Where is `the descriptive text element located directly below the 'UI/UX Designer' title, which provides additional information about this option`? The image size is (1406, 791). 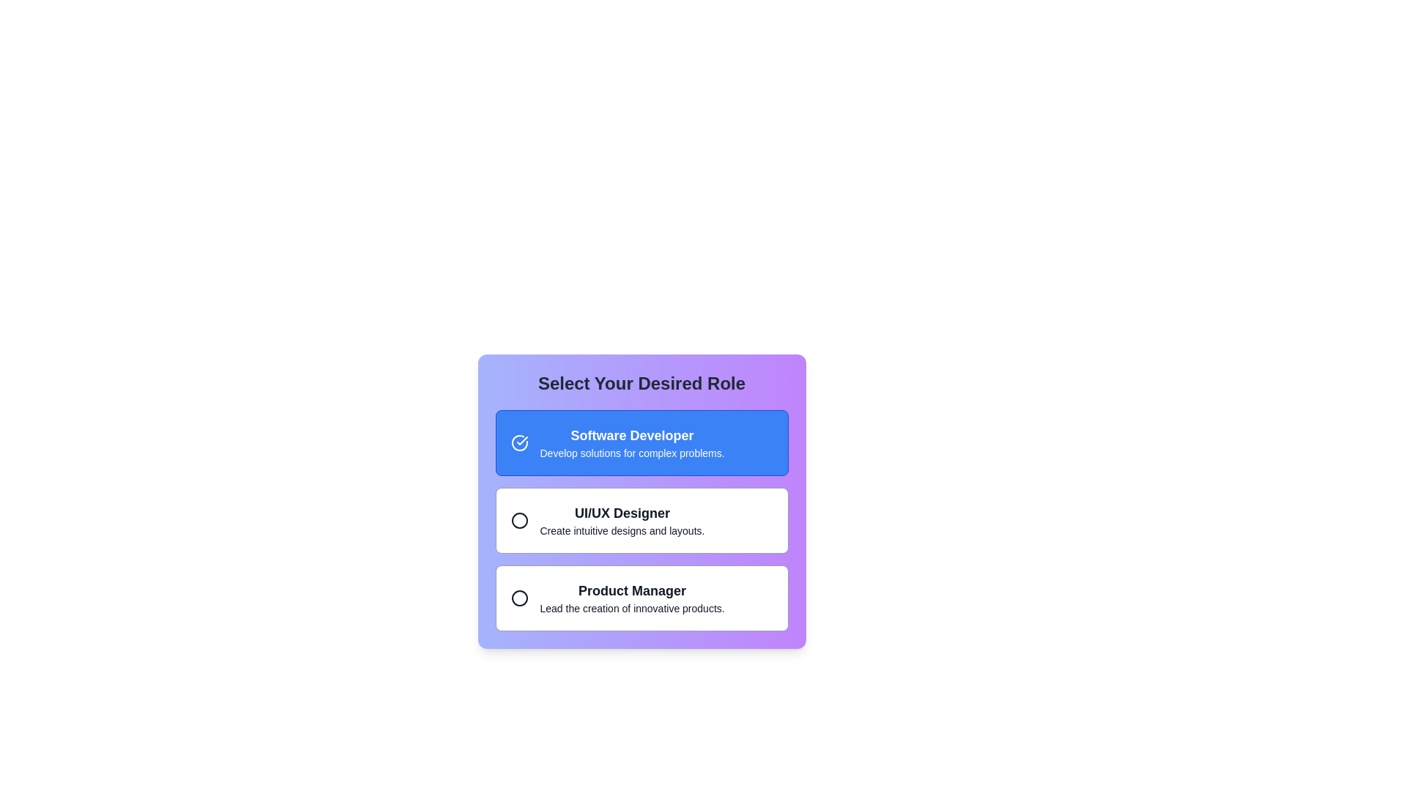
the descriptive text element located directly below the 'UI/UX Designer' title, which provides additional information about this option is located at coordinates (622, 531).